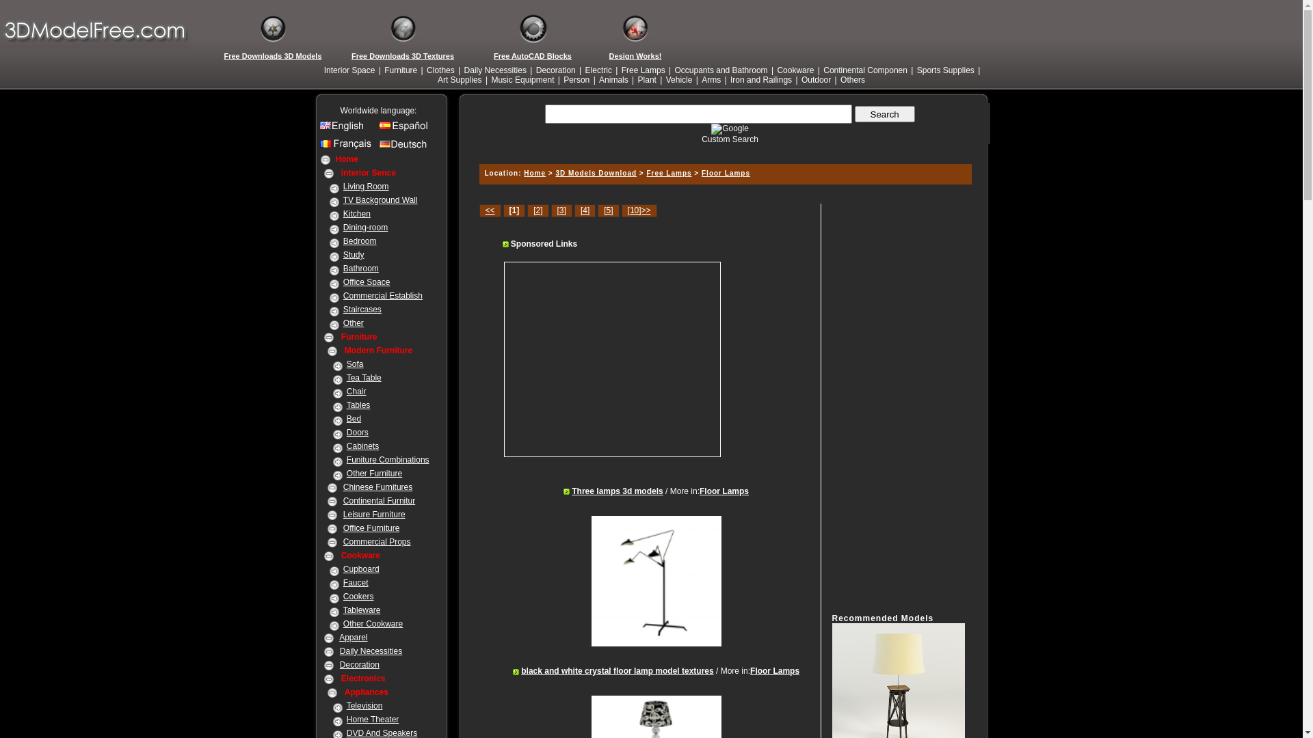 The image size is (1313, 738). Describe the element at coordinates (646, 79) in the screenshot. I see `'Plant'` at that location.